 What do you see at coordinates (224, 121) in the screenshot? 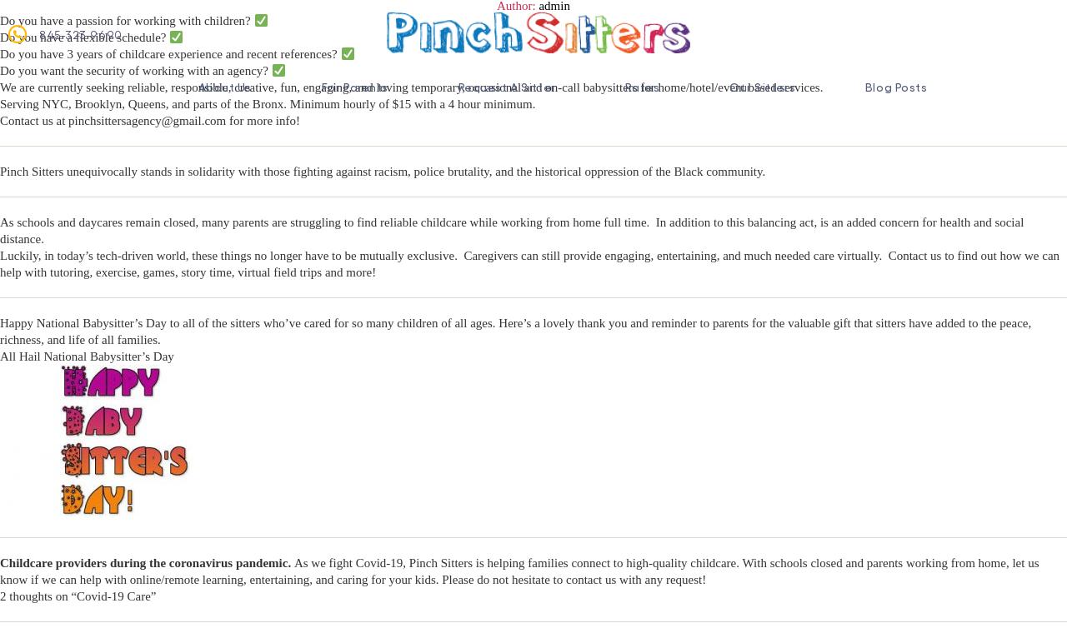
I see `'for more info!'` at bounding box center [224, 121].